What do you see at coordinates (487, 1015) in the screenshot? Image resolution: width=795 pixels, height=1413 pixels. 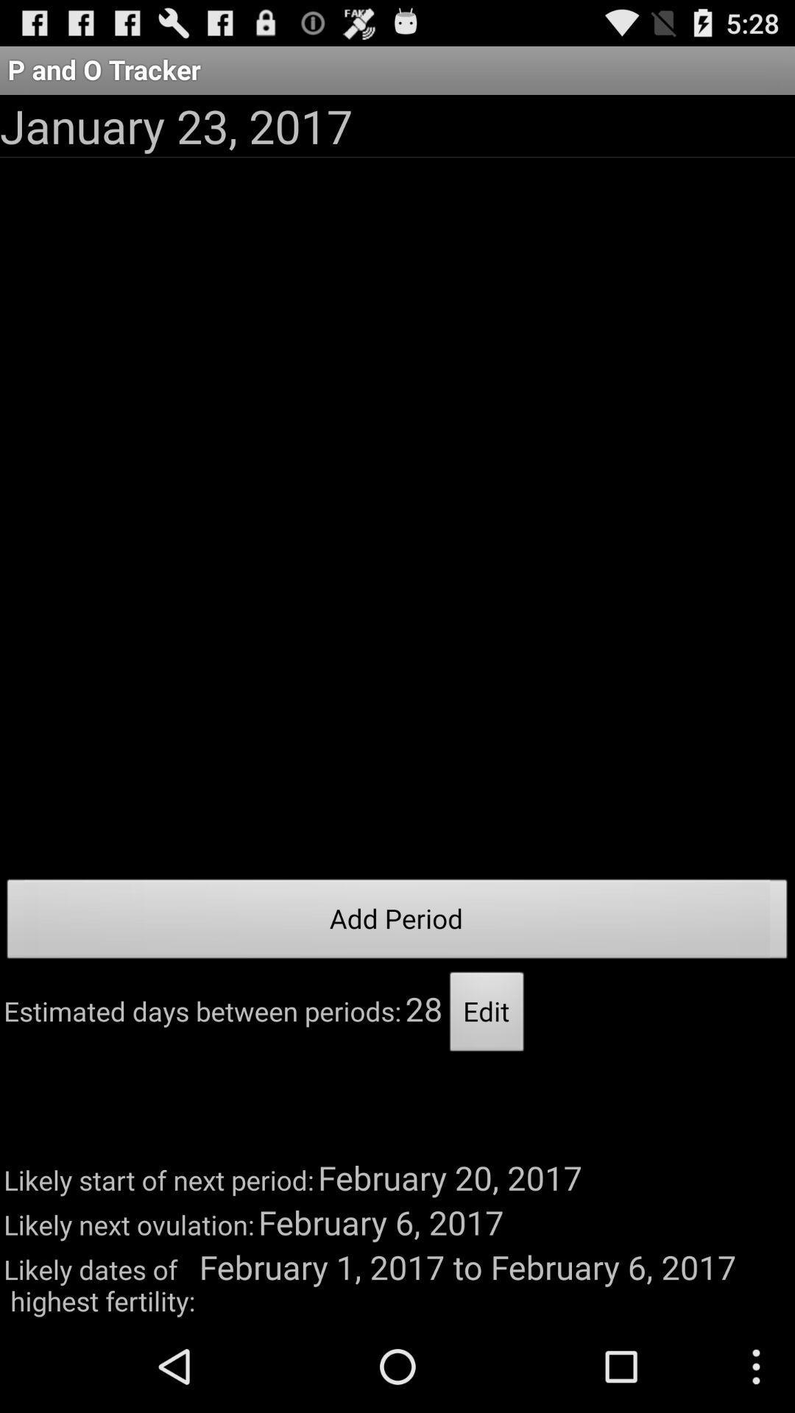 I see `button below the add period icon` at bounding box center [487, 1015].